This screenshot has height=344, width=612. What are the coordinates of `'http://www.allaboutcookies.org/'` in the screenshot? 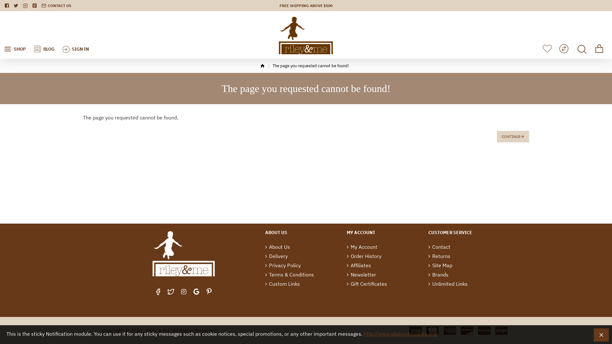 It's located at (400, 333).